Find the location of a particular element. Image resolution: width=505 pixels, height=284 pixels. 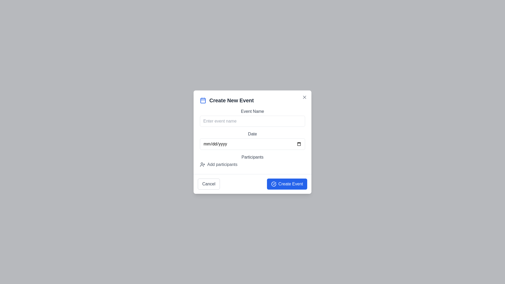

the 'Participants' label within the 'Create New Event' modal, which is styled in medium-weight gray font and positioned centrally below the 'Date' input field is located at coordinates (252, 157).